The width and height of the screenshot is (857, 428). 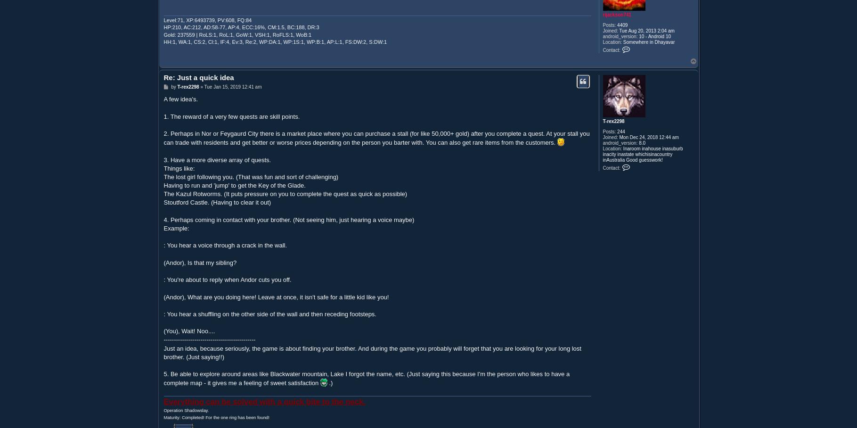 I want to click on 'Re: Just a quick idea', so click(x=198, y=76).